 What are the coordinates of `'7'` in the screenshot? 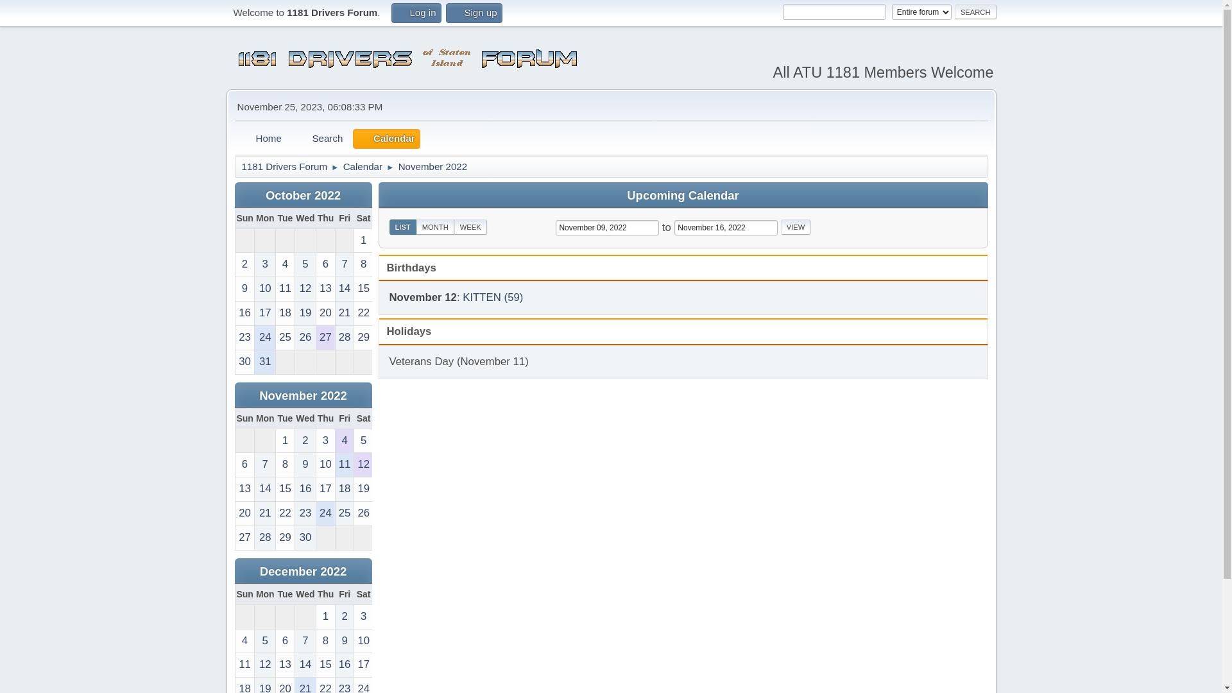 It's located at (264, 465).